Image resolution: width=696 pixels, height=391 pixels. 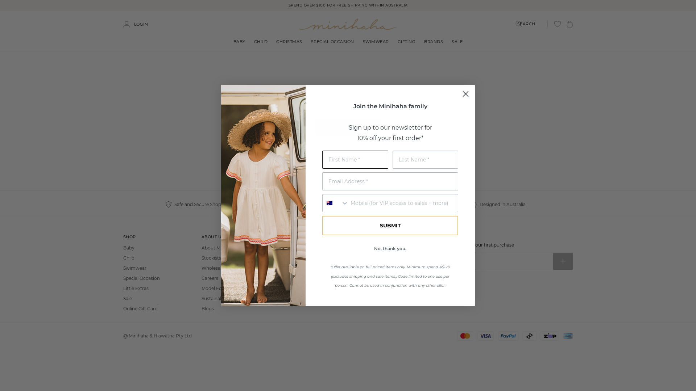 What do you see at coordinates (376, 42) in the screenshot?
I see `'SWIMWEAR'` at bounding box center [376, 42].